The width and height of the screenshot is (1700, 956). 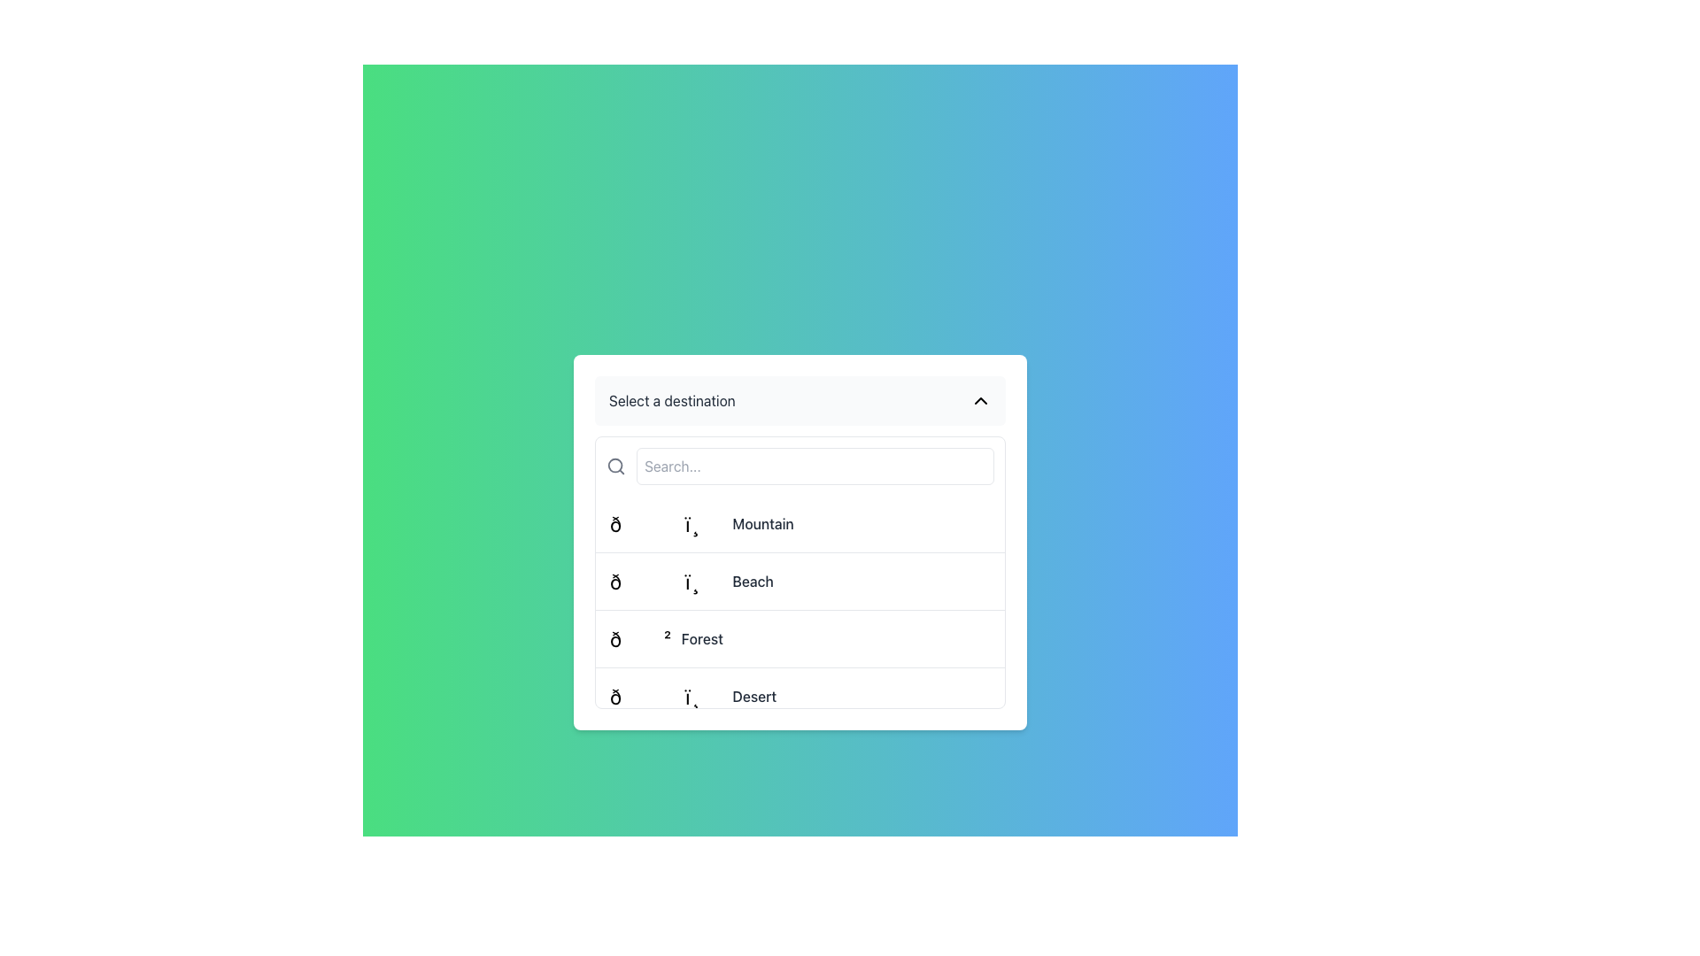 I want to click on the circular gray search icon located on the left side of the search bar interface, so click(x=616, y=466).